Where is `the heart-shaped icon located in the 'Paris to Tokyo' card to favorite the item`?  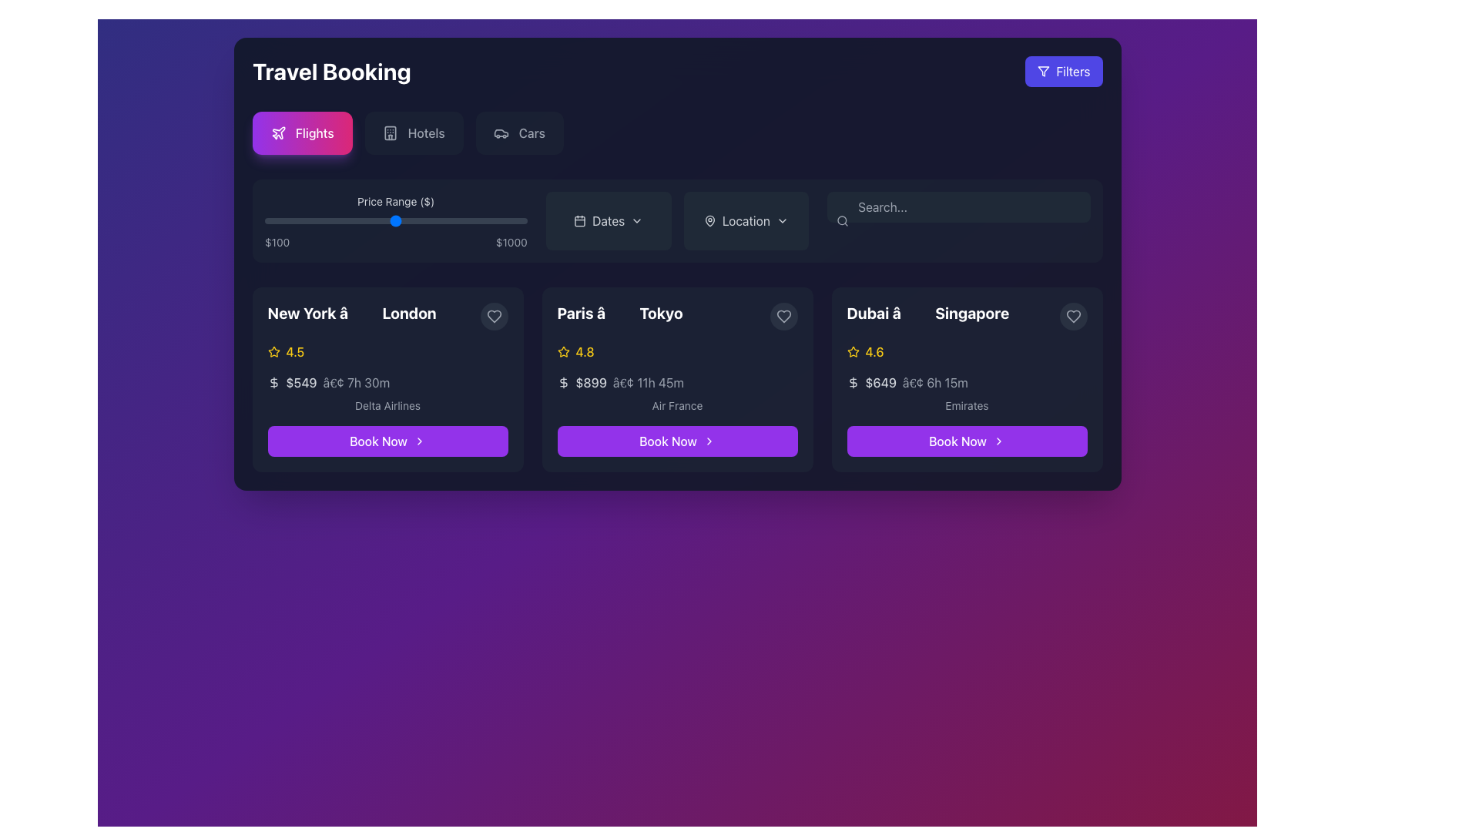
the heart-shaped icon located in the 'Paris to Tokyo' card to favorite the item is located at coordinates (783, 316).